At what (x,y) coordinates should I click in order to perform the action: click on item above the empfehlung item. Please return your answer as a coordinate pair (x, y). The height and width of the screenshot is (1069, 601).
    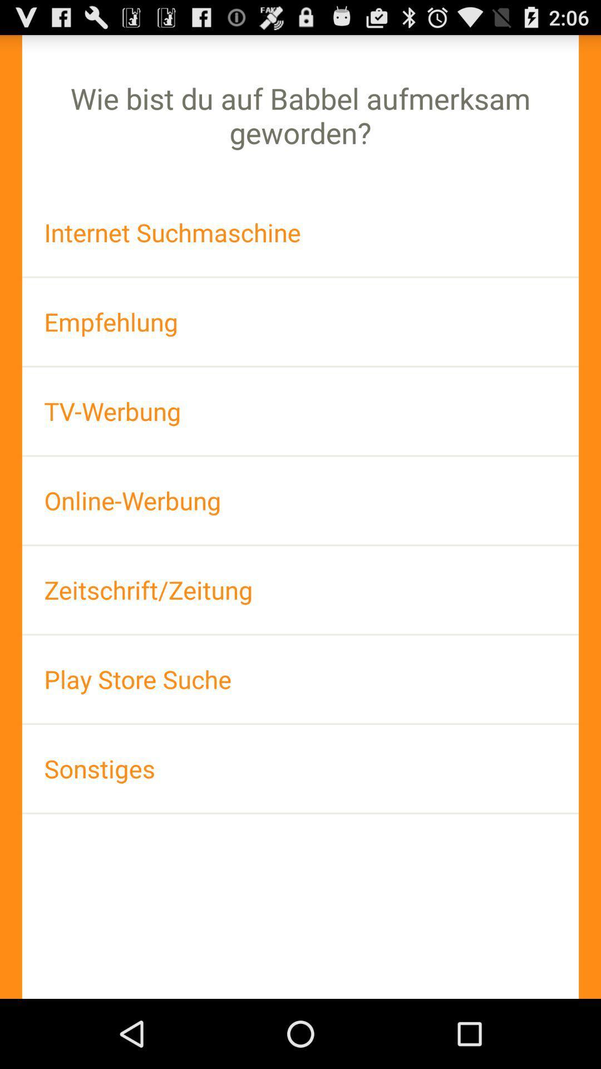
    Looking at the image, I should click on (300, 232).